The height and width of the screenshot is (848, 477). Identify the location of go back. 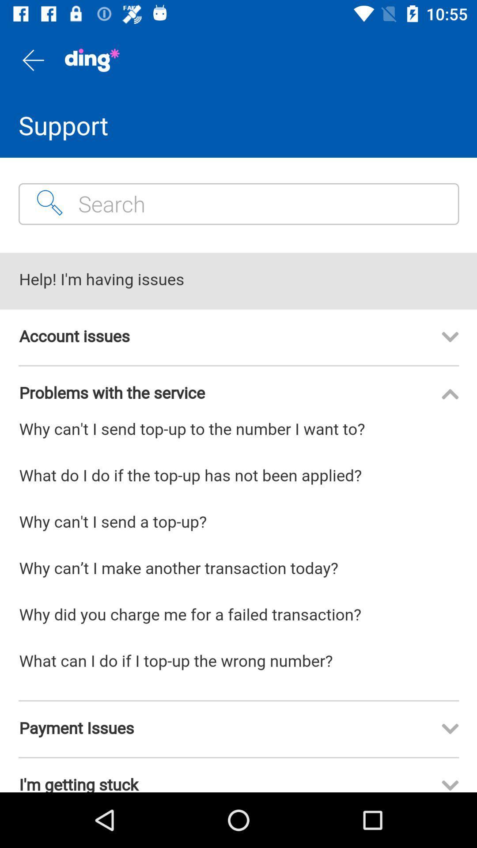
(32, 60).